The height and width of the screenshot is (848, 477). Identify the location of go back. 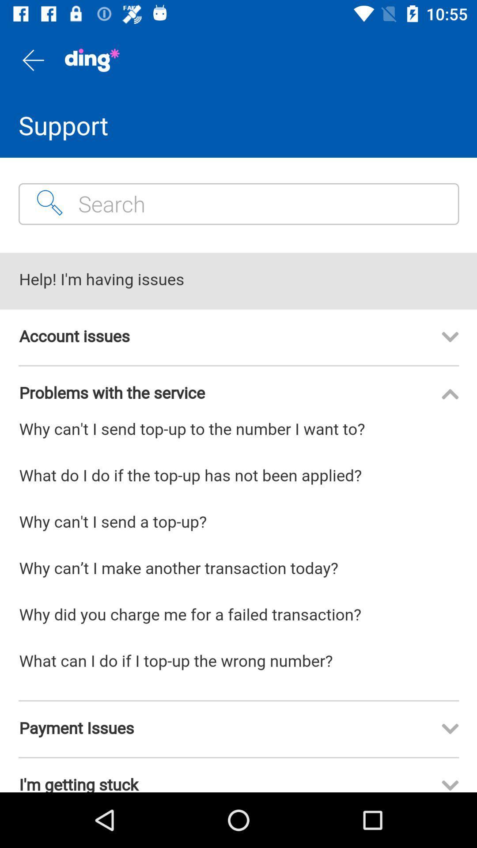
(32, 60).